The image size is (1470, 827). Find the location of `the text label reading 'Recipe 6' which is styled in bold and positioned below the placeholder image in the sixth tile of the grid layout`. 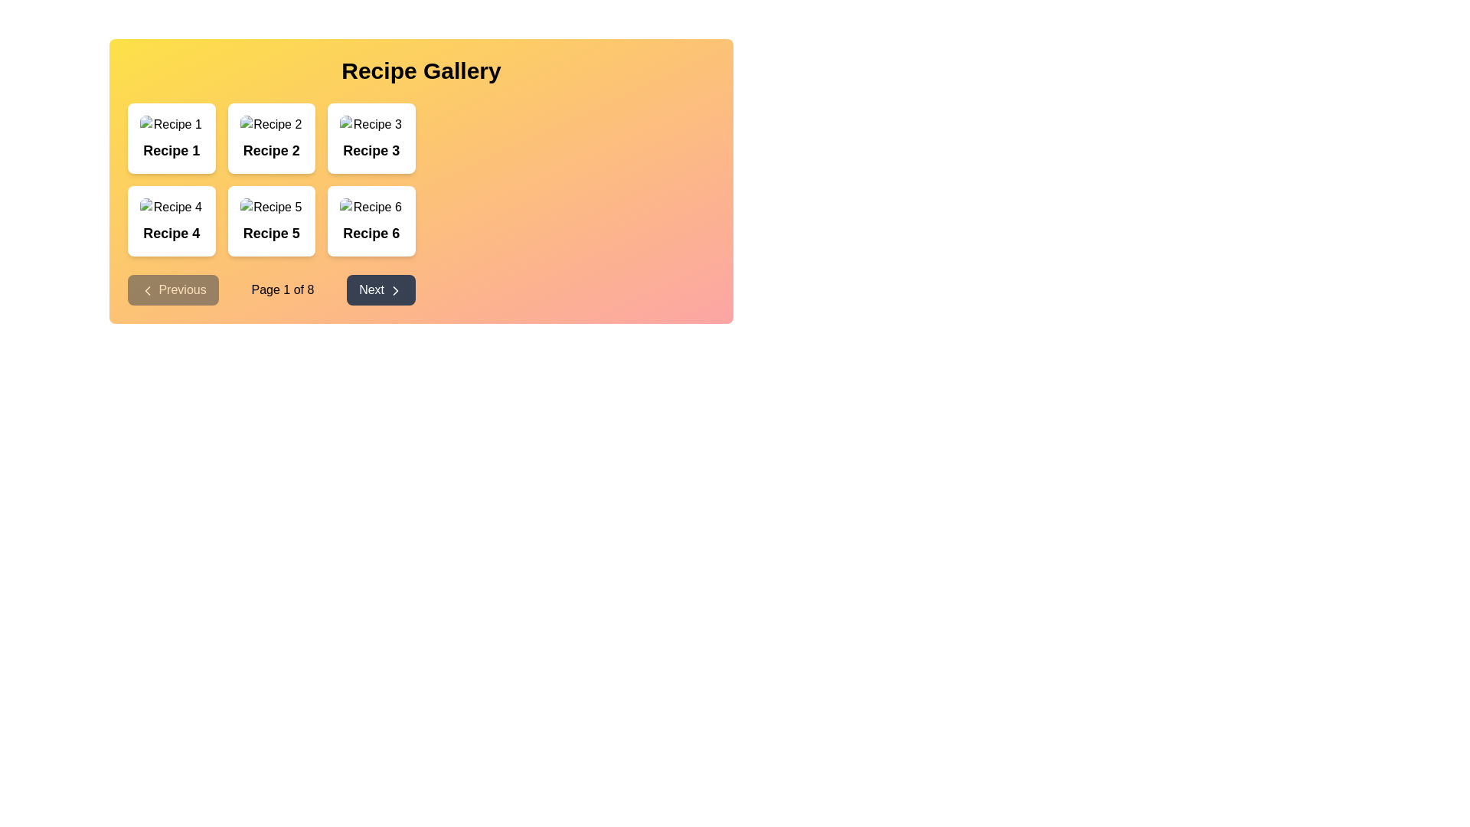

the text label reading 'Recipe 6' which is styled in bold and positioned below the placeholder image in the sixth tile of the grid layout is located at coordinates (371, 233).